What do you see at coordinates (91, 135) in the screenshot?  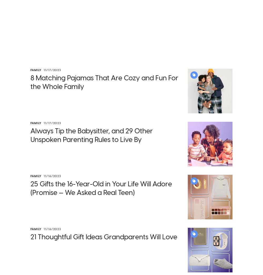 I see `'Always Tip the Babysitter, and 29 Other Unspoken Parenting Rules to Live By'` at bounding box center [91, 135].